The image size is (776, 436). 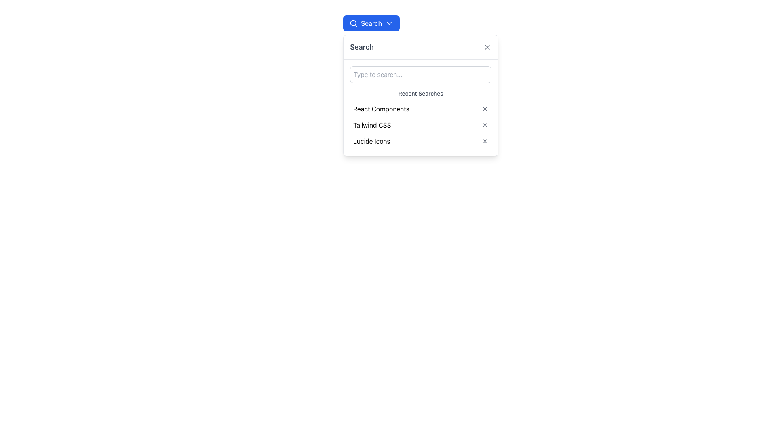 What do you see at coordinates (380, 109) in the screenshot?
I see `the text label 'React Components' in the 'Recent Searches' dropdown` at bounding box center [380, 109].